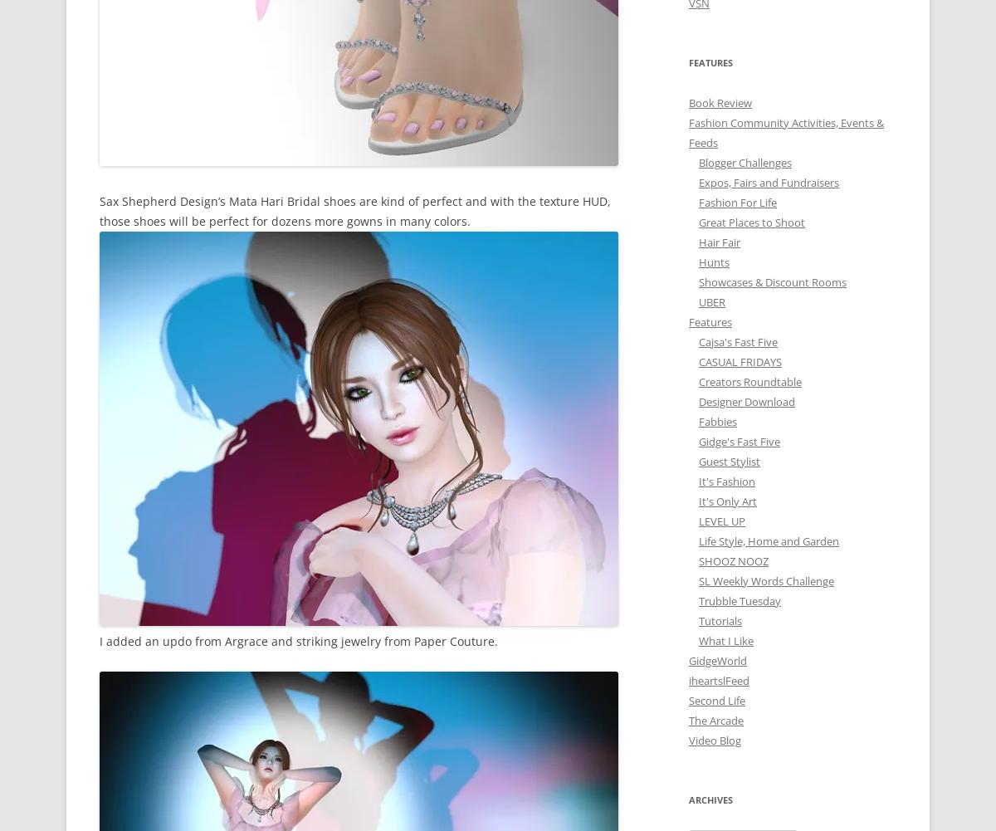 Image resolution: width=996 pixels, height=831 pixels. Describe the element at coordinates (725, 639) in the screenshot. I see `'What I Like'` at that location.